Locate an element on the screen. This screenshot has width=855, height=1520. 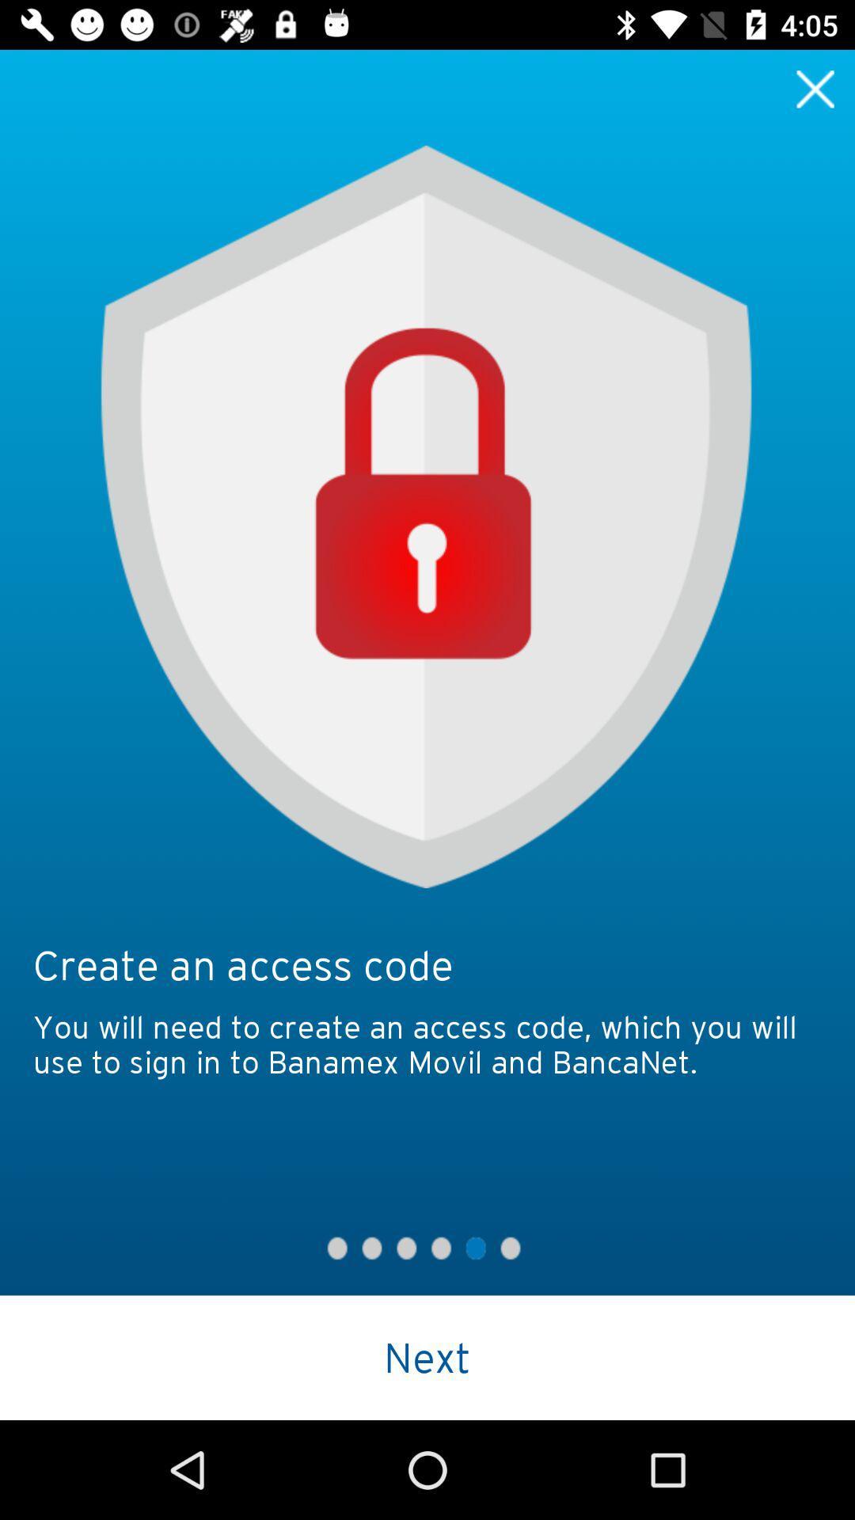
exit is located at coordinates (815, 88).